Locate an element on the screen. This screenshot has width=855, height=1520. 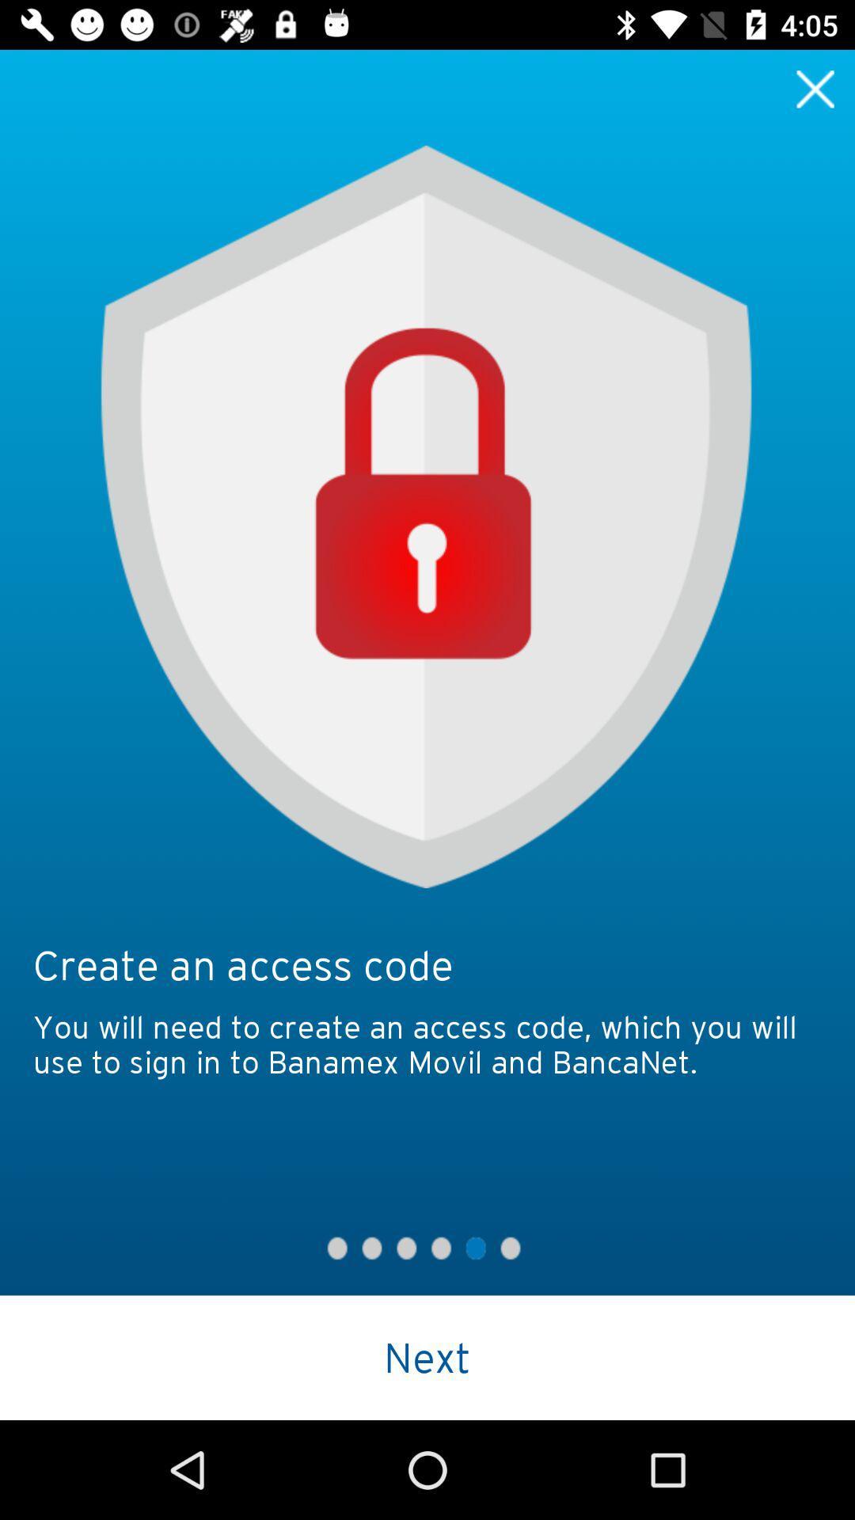
exit is located at coordinates (815, 88).